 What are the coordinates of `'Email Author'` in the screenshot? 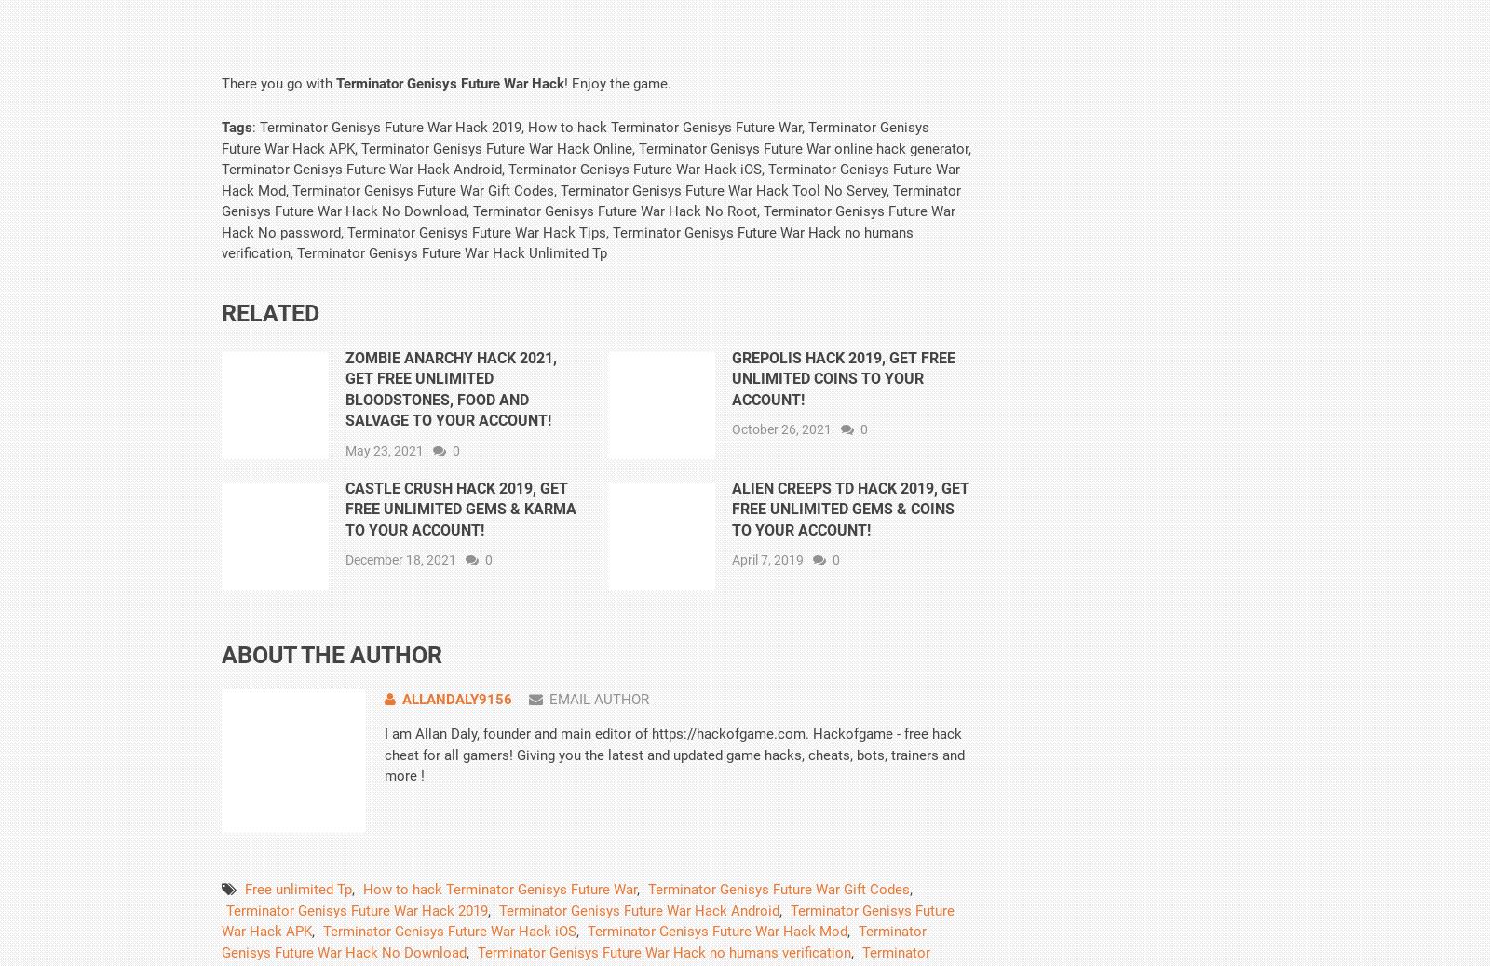 It's located at (598, 698).